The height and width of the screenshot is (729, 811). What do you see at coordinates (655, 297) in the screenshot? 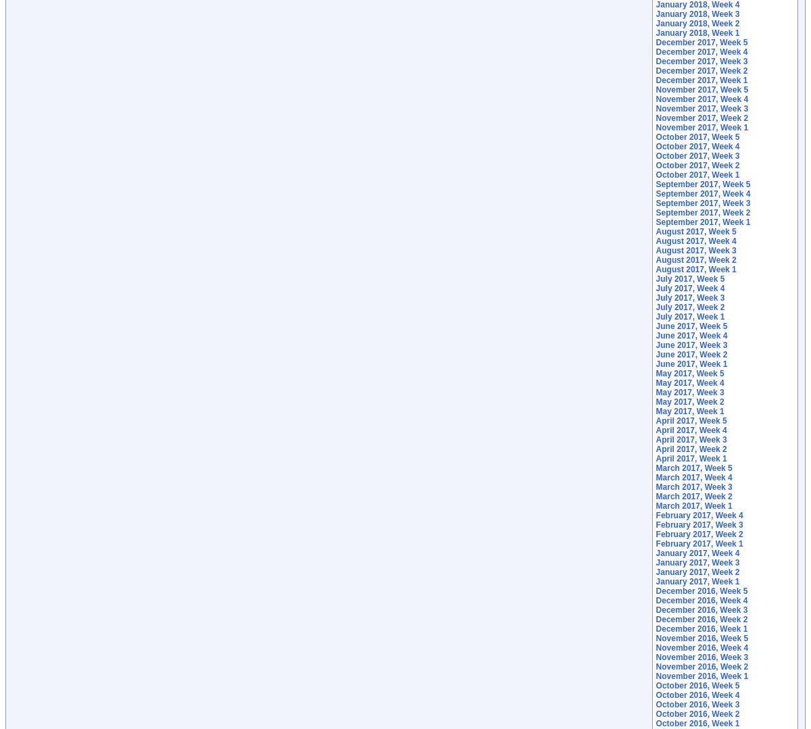
I see `'July 2017, Week 3'` at bounding box center [655, 297].